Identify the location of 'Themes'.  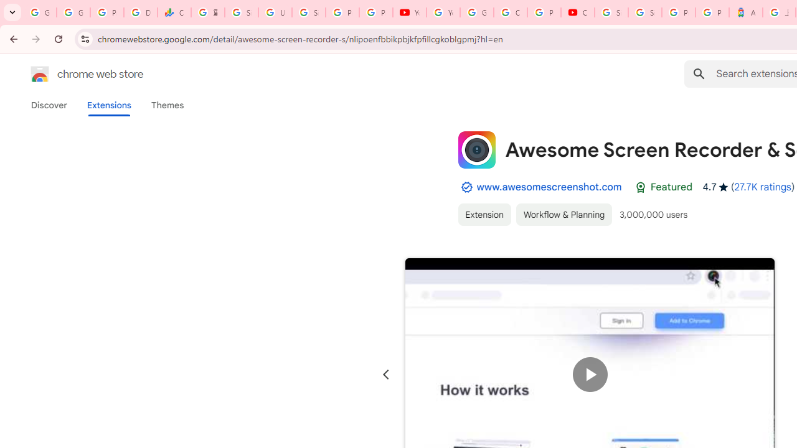
(167, 105).